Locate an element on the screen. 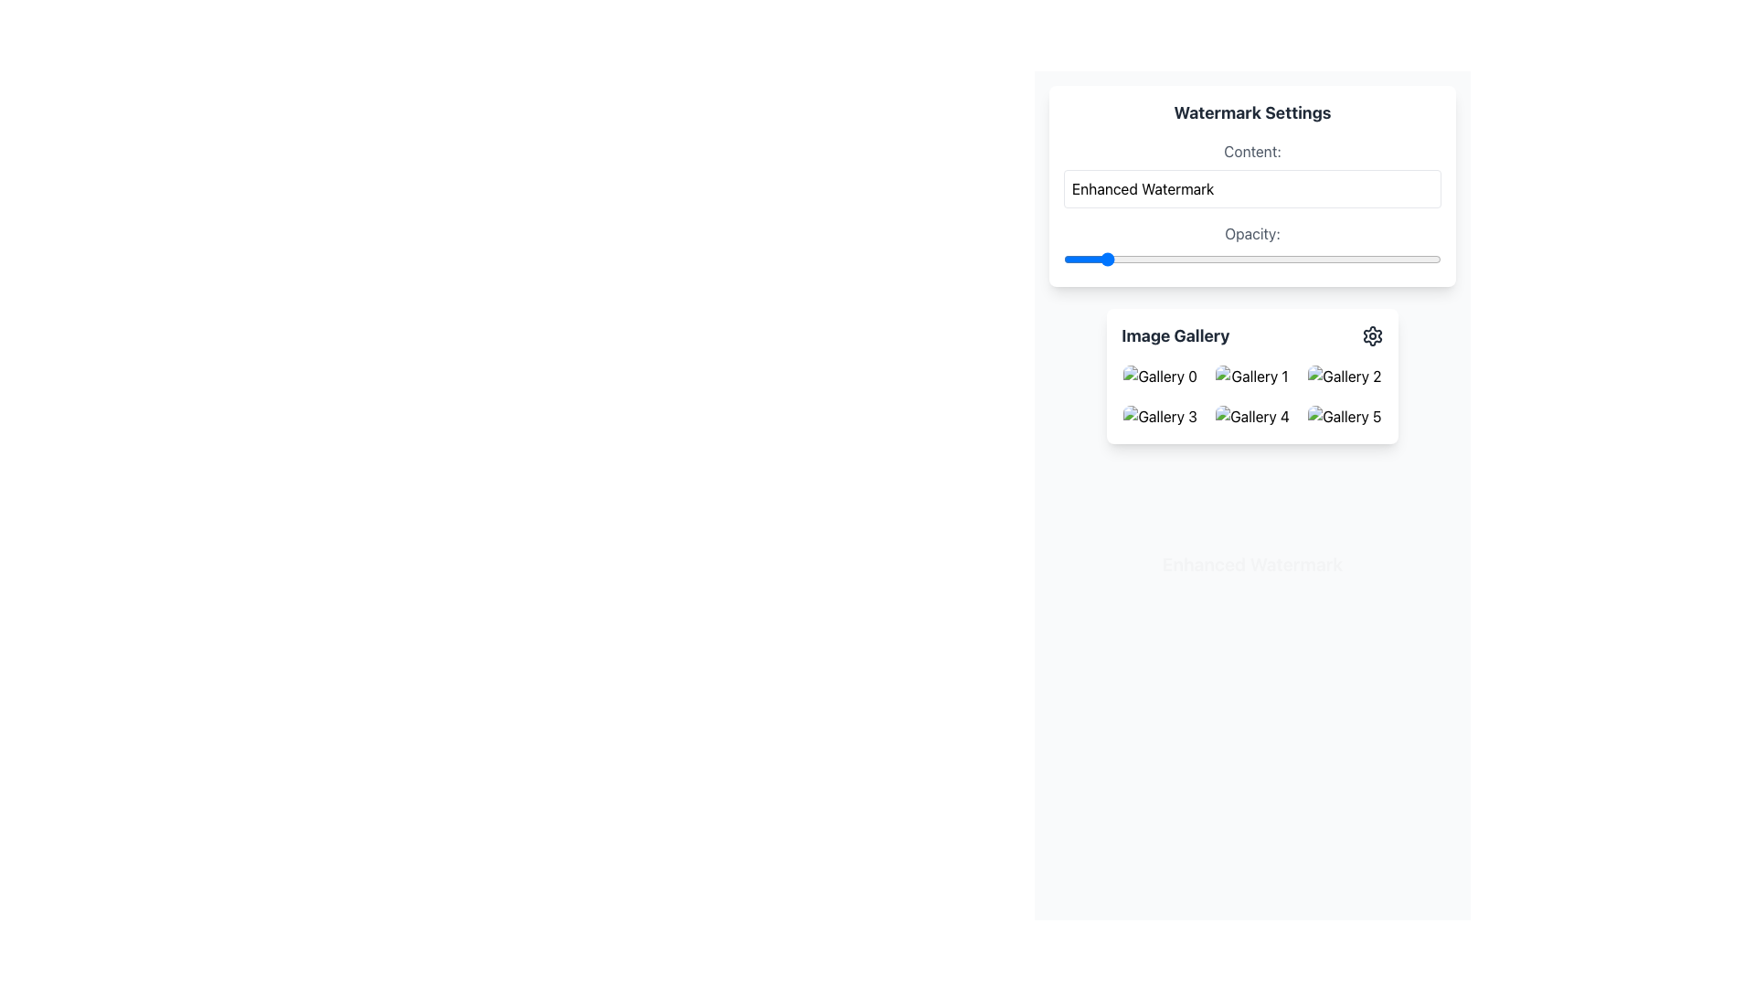  the first image thumbnail in the 'Image Gallery' section is located at coordinates (1158, 376).